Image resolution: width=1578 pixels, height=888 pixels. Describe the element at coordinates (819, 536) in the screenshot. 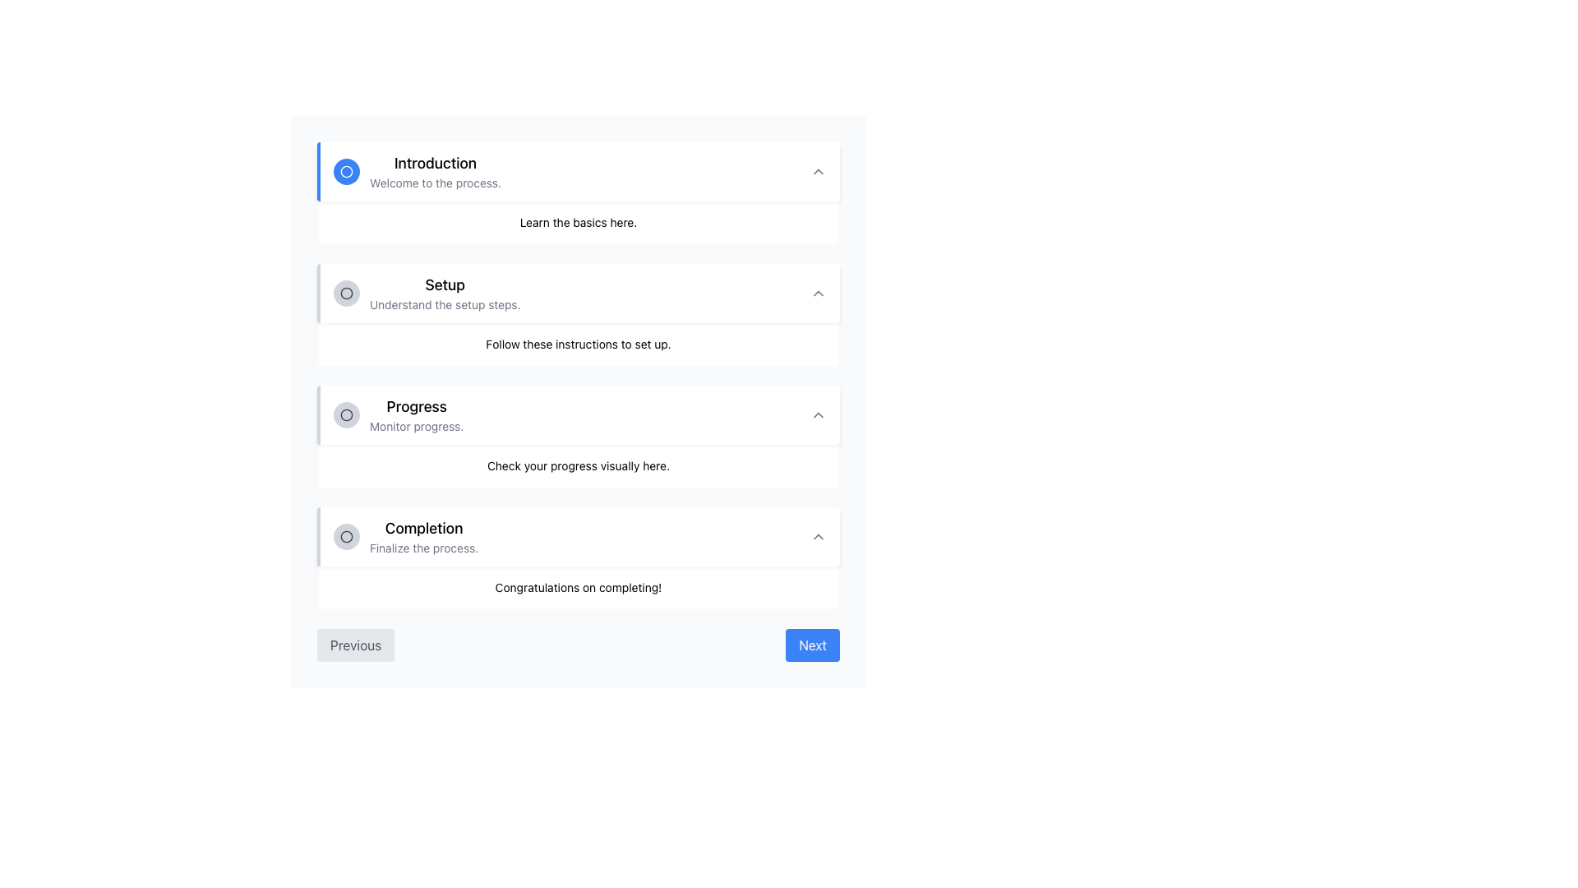

I see `the chevron-shaped toggle button located on the far-right side of the 'Completion' section` at that location.